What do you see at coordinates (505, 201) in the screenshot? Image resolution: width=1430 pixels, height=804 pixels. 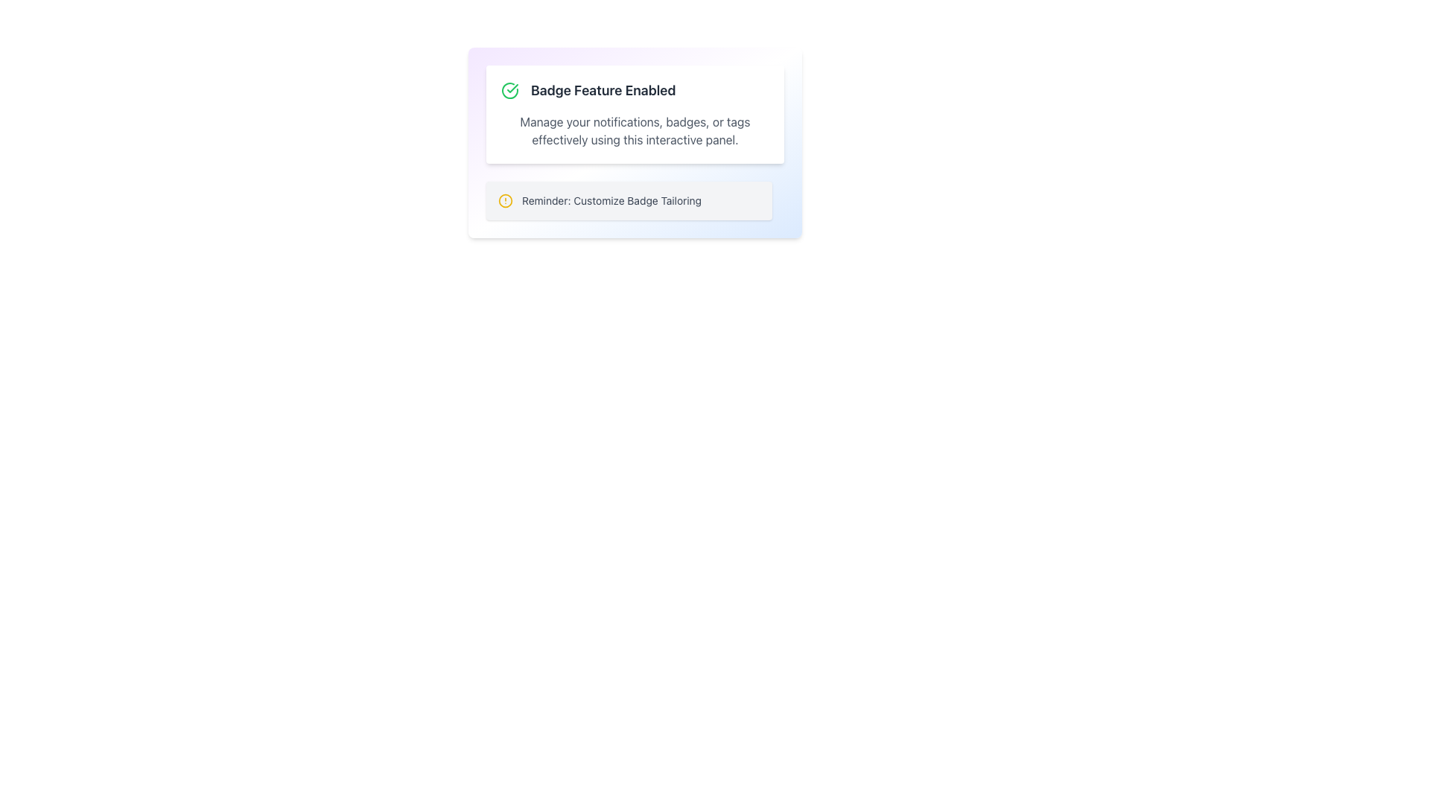 I see `the reminder icon located at the leftmost part of the horizontal group containing the text 'Reminder: Customize Badge Tailoring'` at bounding box center [505, 201].